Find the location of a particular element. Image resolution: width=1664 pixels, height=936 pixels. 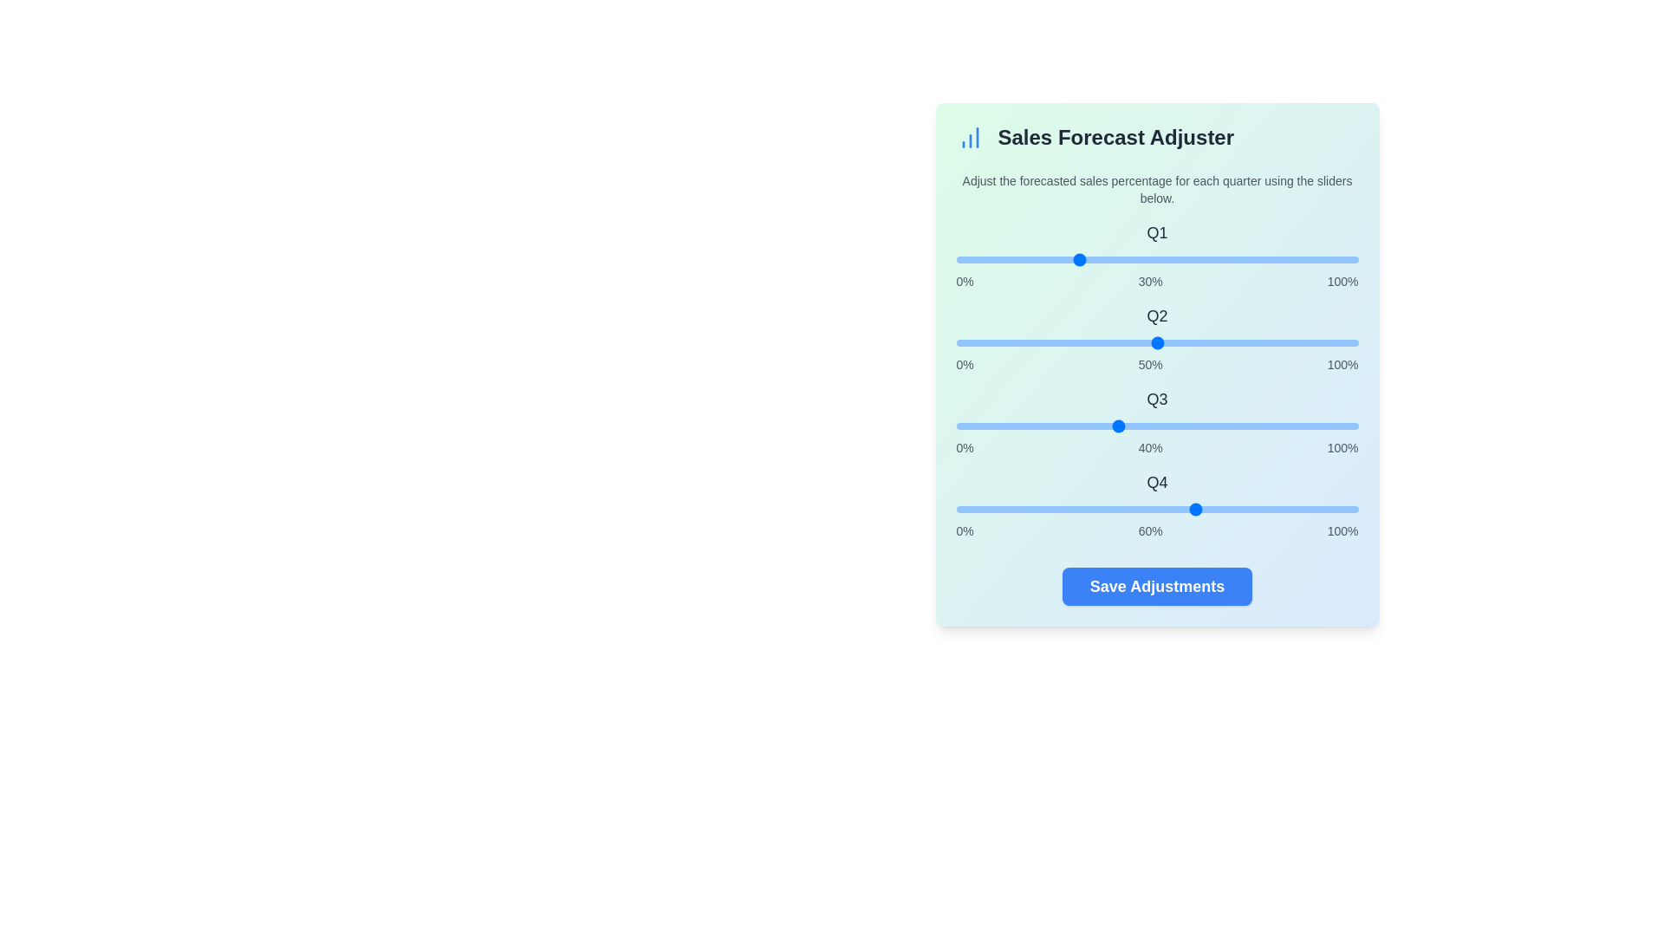

the Q4 slider to 63% is located at coordinates (1208, 508).